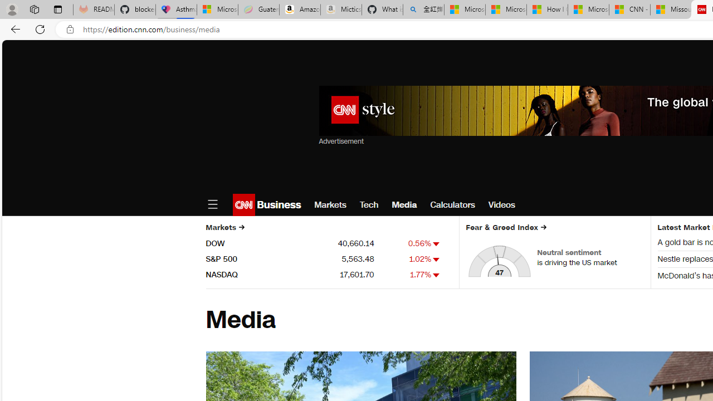 The image size is (713, 401). What do you see at coordinates (212, 204) in the screenshot?
I see `'Open Menu Icon'` at bounding box center [212, 204].